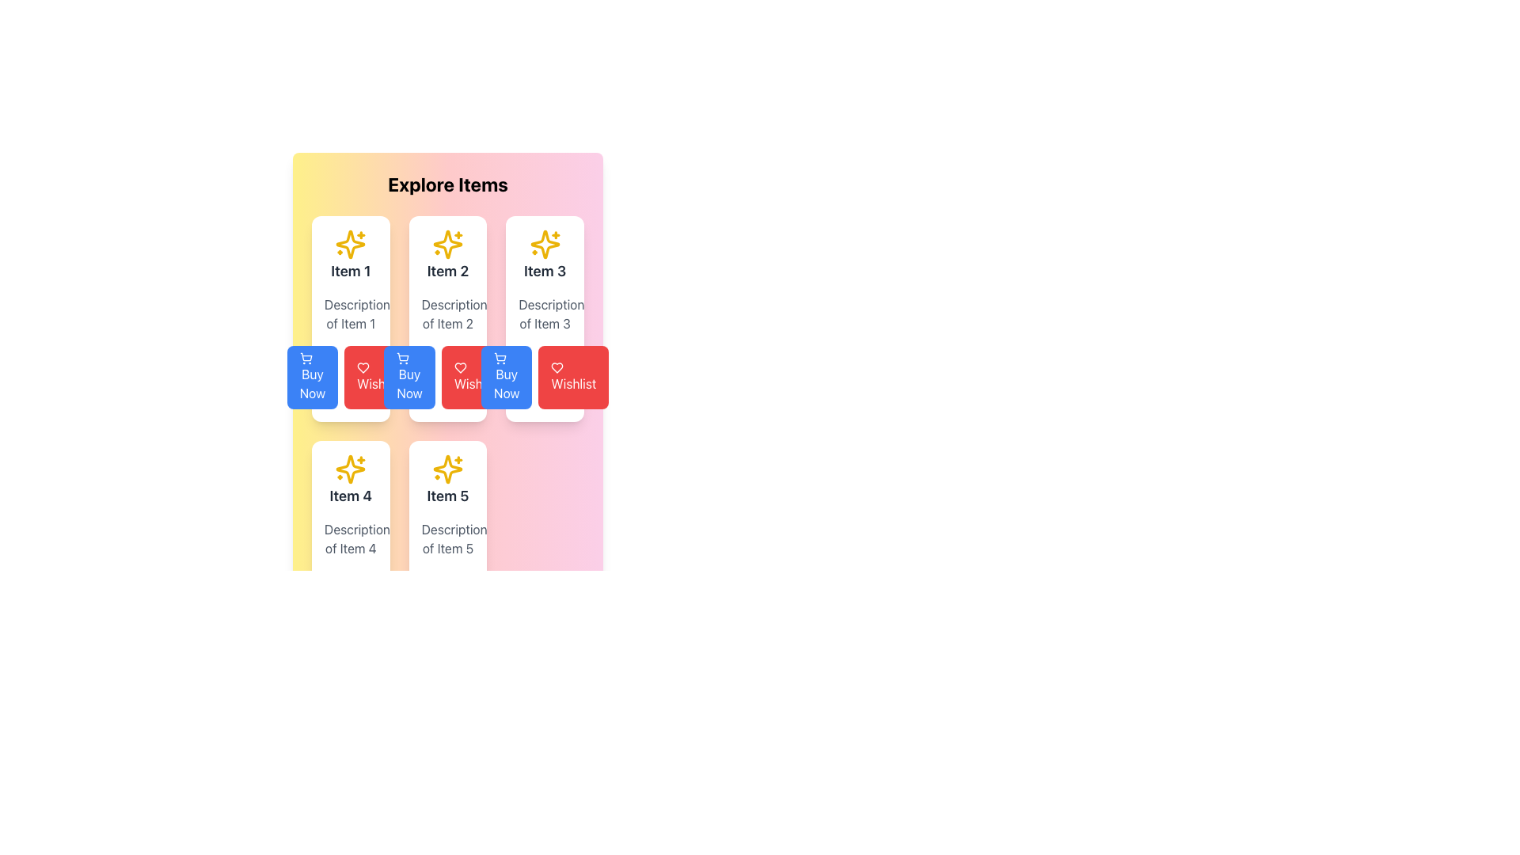  I want to click on the descriptive text label for 'Item 1', so click(350, 314).